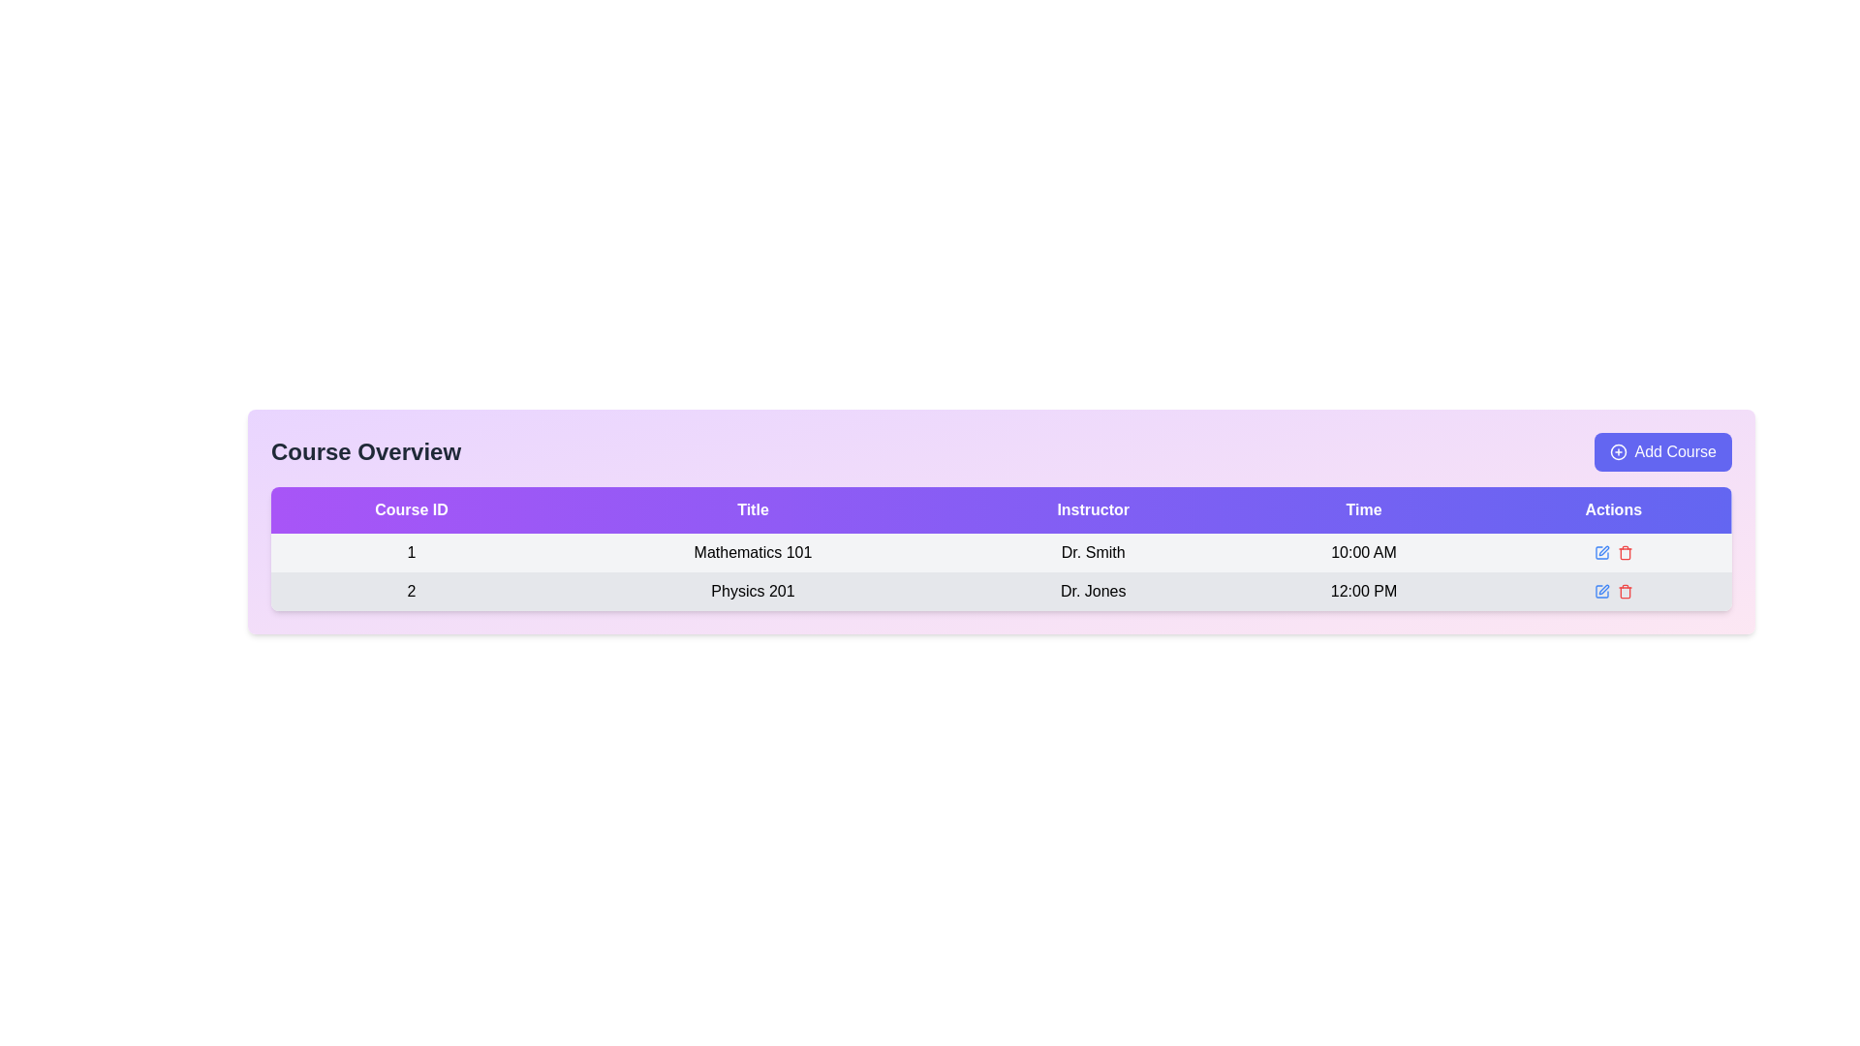  Describe the element at coordinates (752, 590) in the screenshot. I see `the 'Physics 201' text label located in the second row and second column of the course information table under the 'Title' heading` at that location.